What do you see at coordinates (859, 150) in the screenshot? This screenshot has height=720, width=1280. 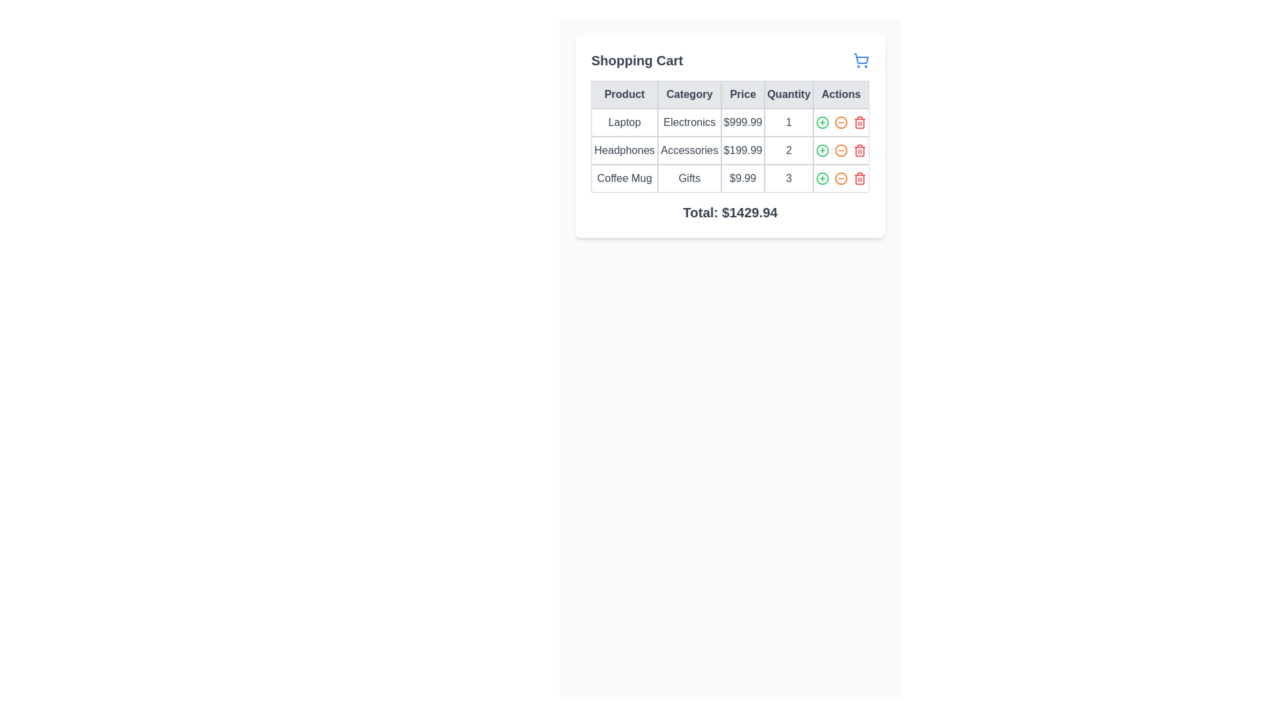 I see `the red trash can icon button located in the 'Actions' column of the second row` at bounding box center [859, 150].